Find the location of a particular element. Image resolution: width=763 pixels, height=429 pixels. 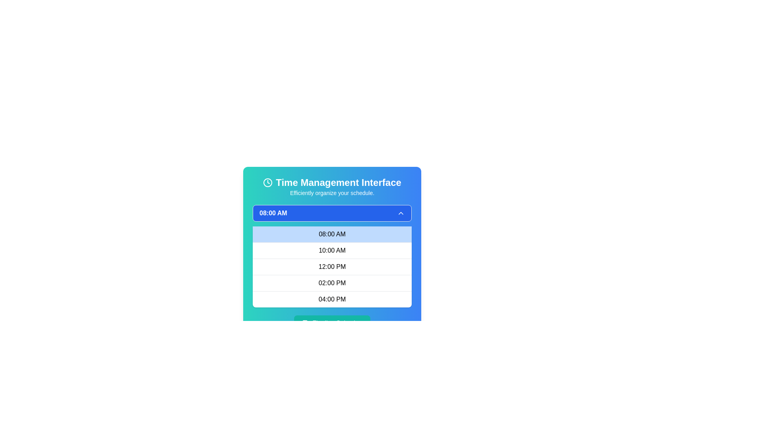

the time selector button at the top of the dropdown interface is located at coordinates (332, 213).